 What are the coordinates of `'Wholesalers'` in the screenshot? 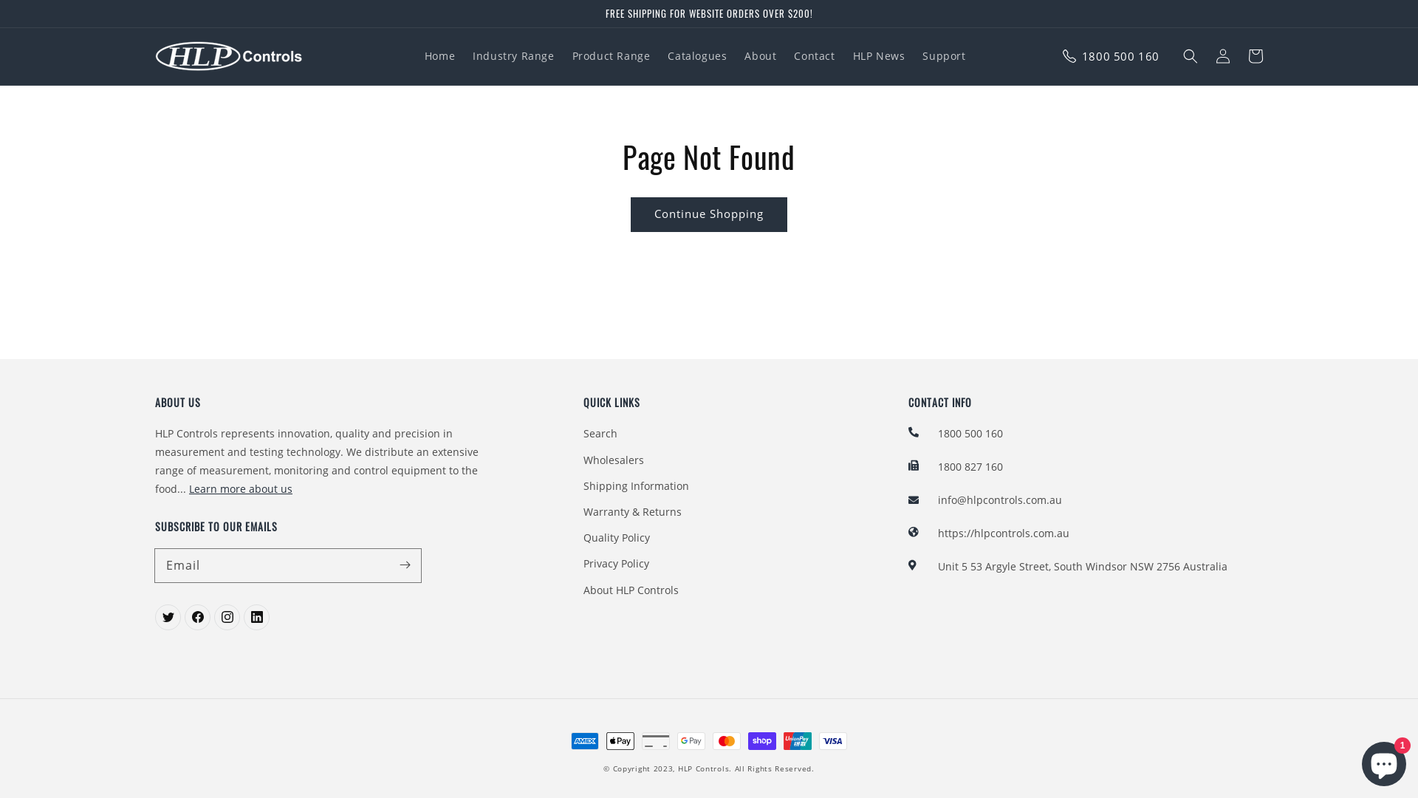 It's located at (613, 459).